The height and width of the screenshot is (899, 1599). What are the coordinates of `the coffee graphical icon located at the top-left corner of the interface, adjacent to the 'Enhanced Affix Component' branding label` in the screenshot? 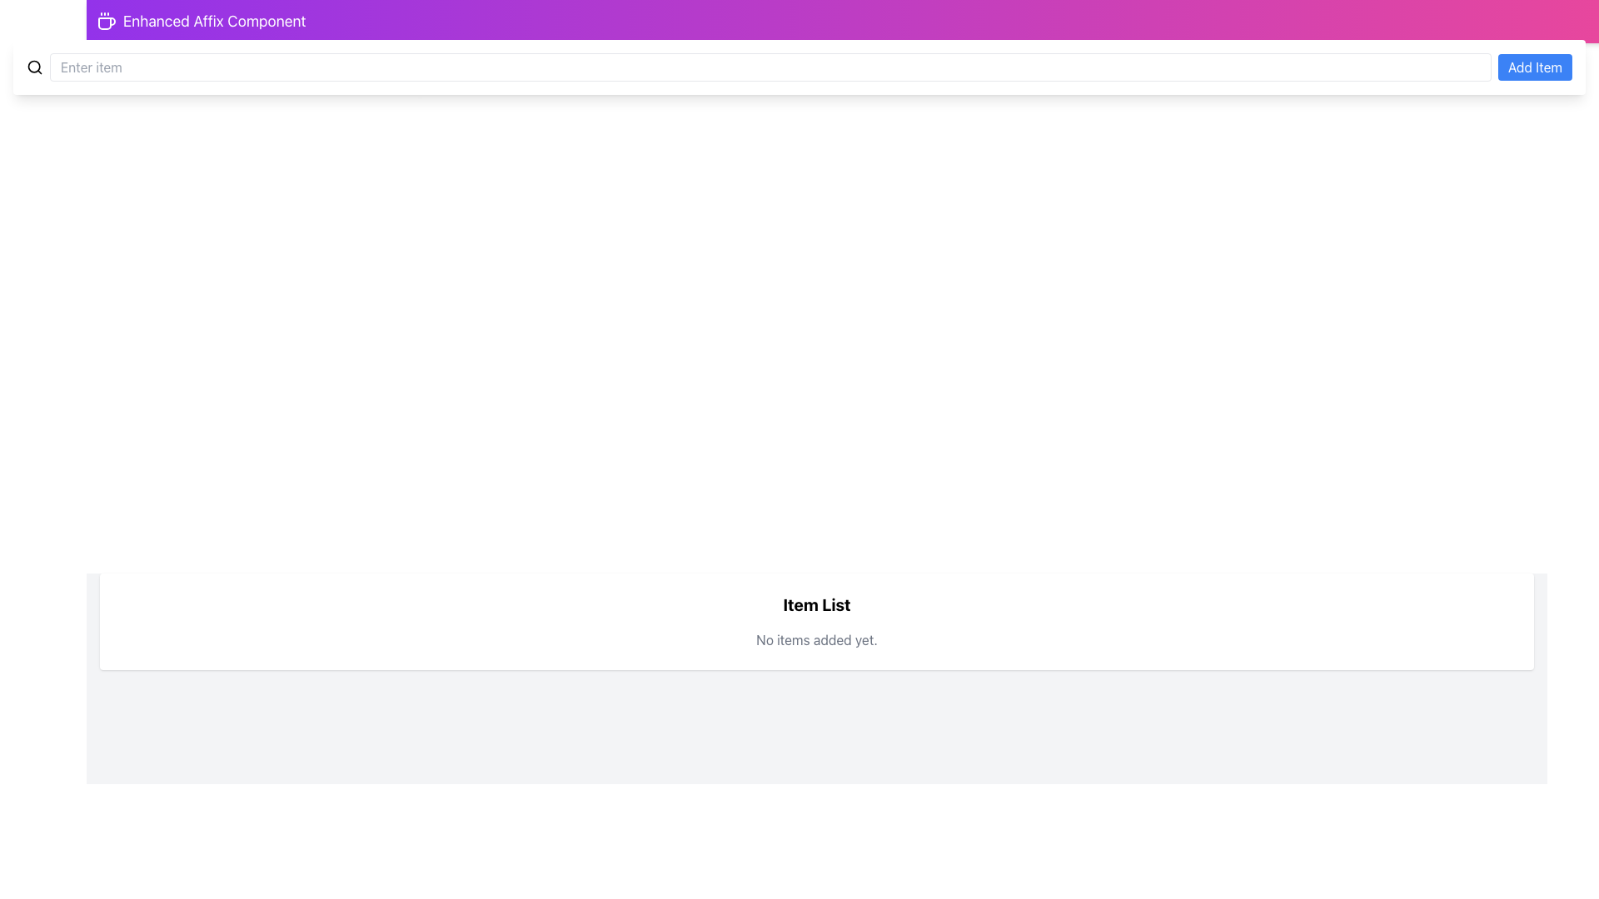 It's located at (106, 23).